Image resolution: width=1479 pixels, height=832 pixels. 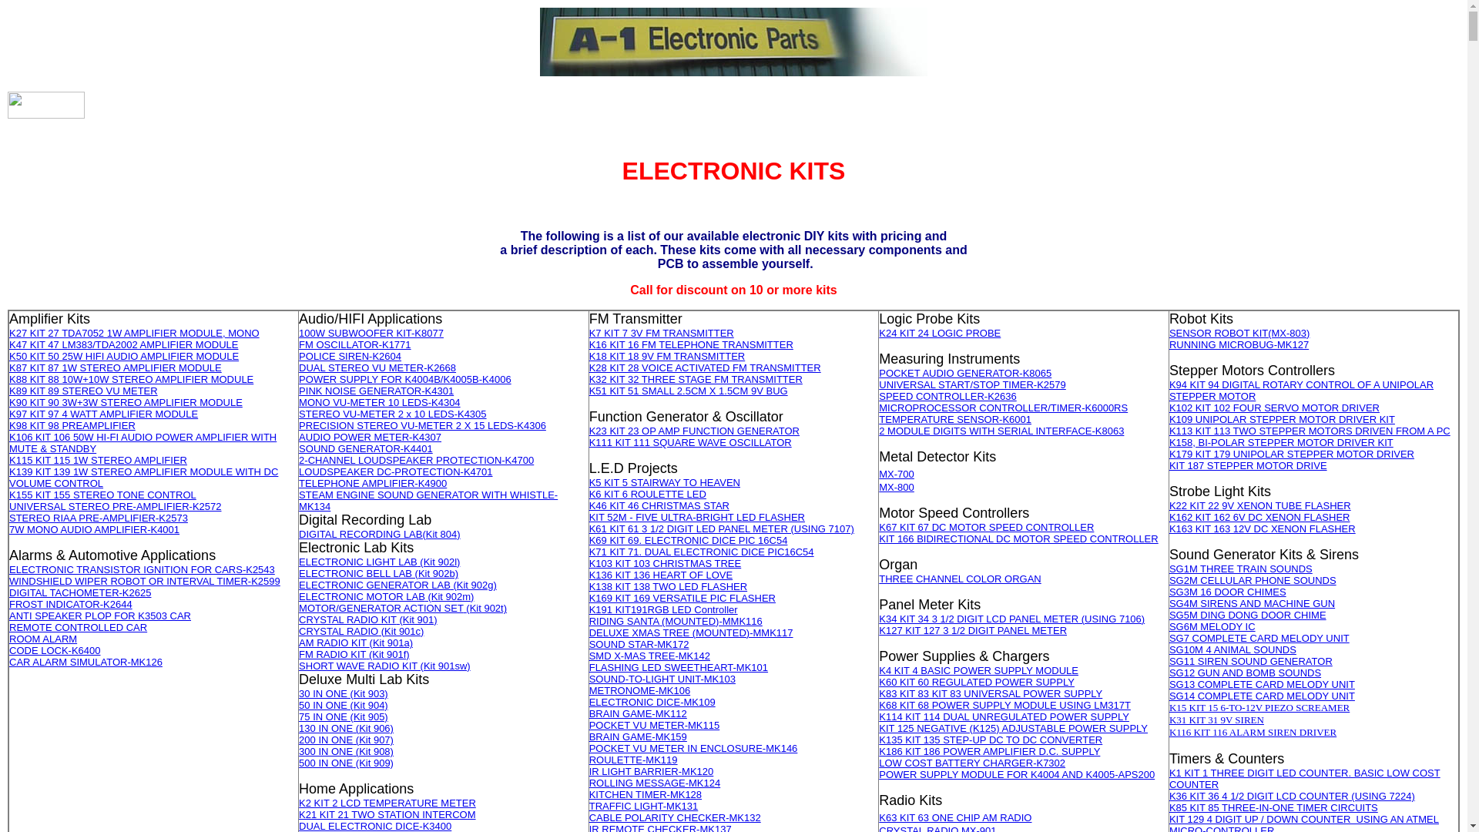 What do you see at coordinates (1253, 731) in the screenshot?
I see `'K116 KIT 116 ALARM SIREN DRIVER'` at bounding box center [1253, 731].